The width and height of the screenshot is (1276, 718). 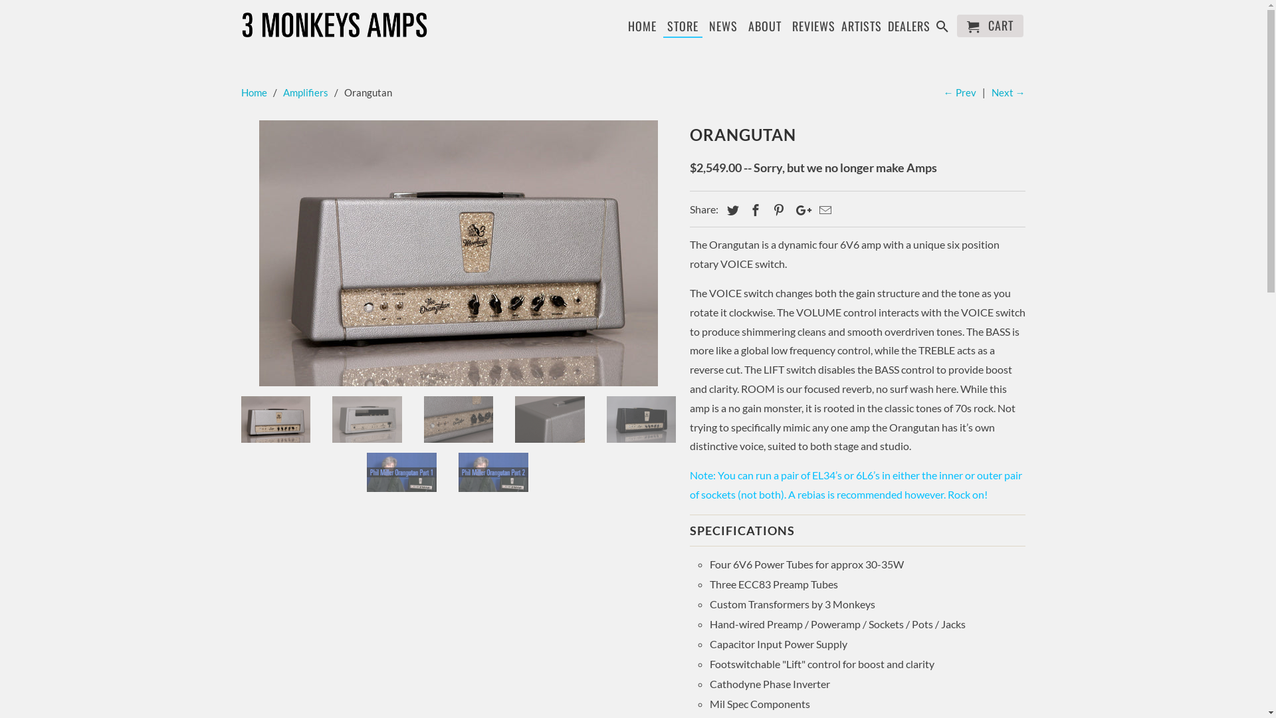 I want to click on 'CART', so click(x=990, y=25).